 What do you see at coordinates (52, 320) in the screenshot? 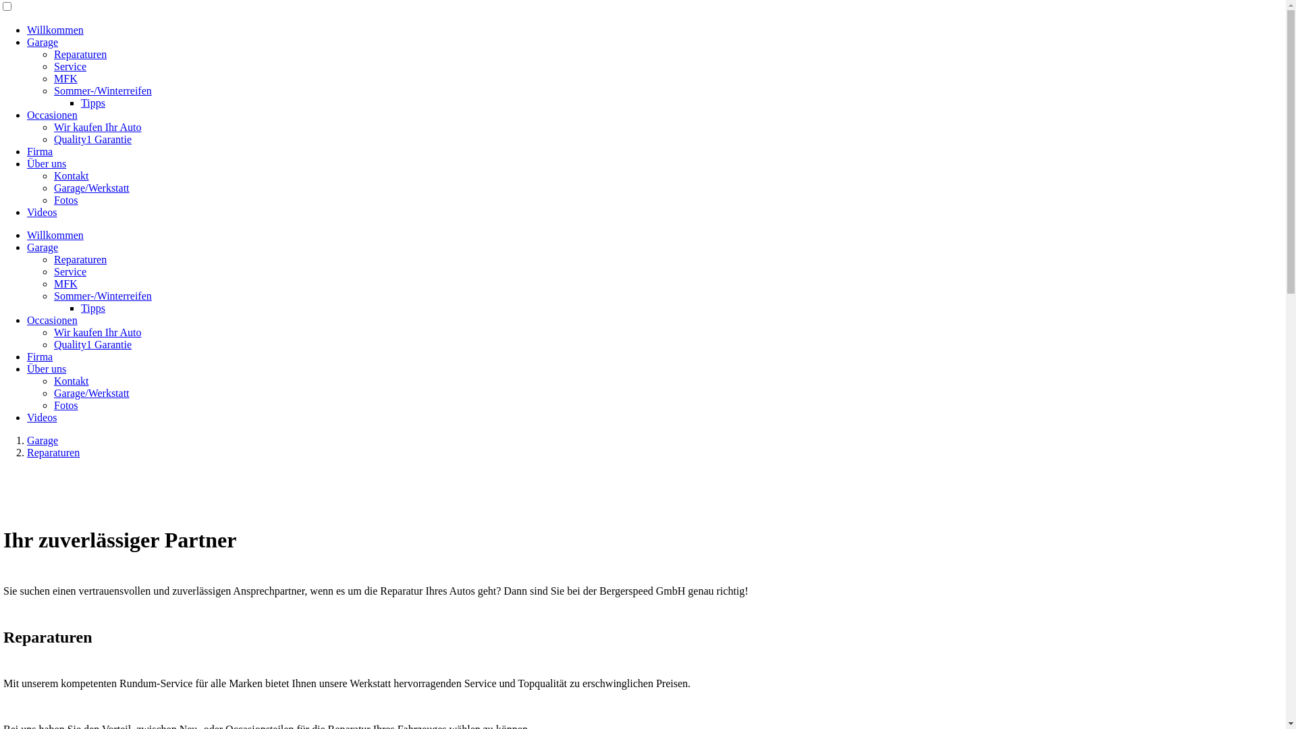
I see `'Occasionen'` at bounding box center [52, 320].